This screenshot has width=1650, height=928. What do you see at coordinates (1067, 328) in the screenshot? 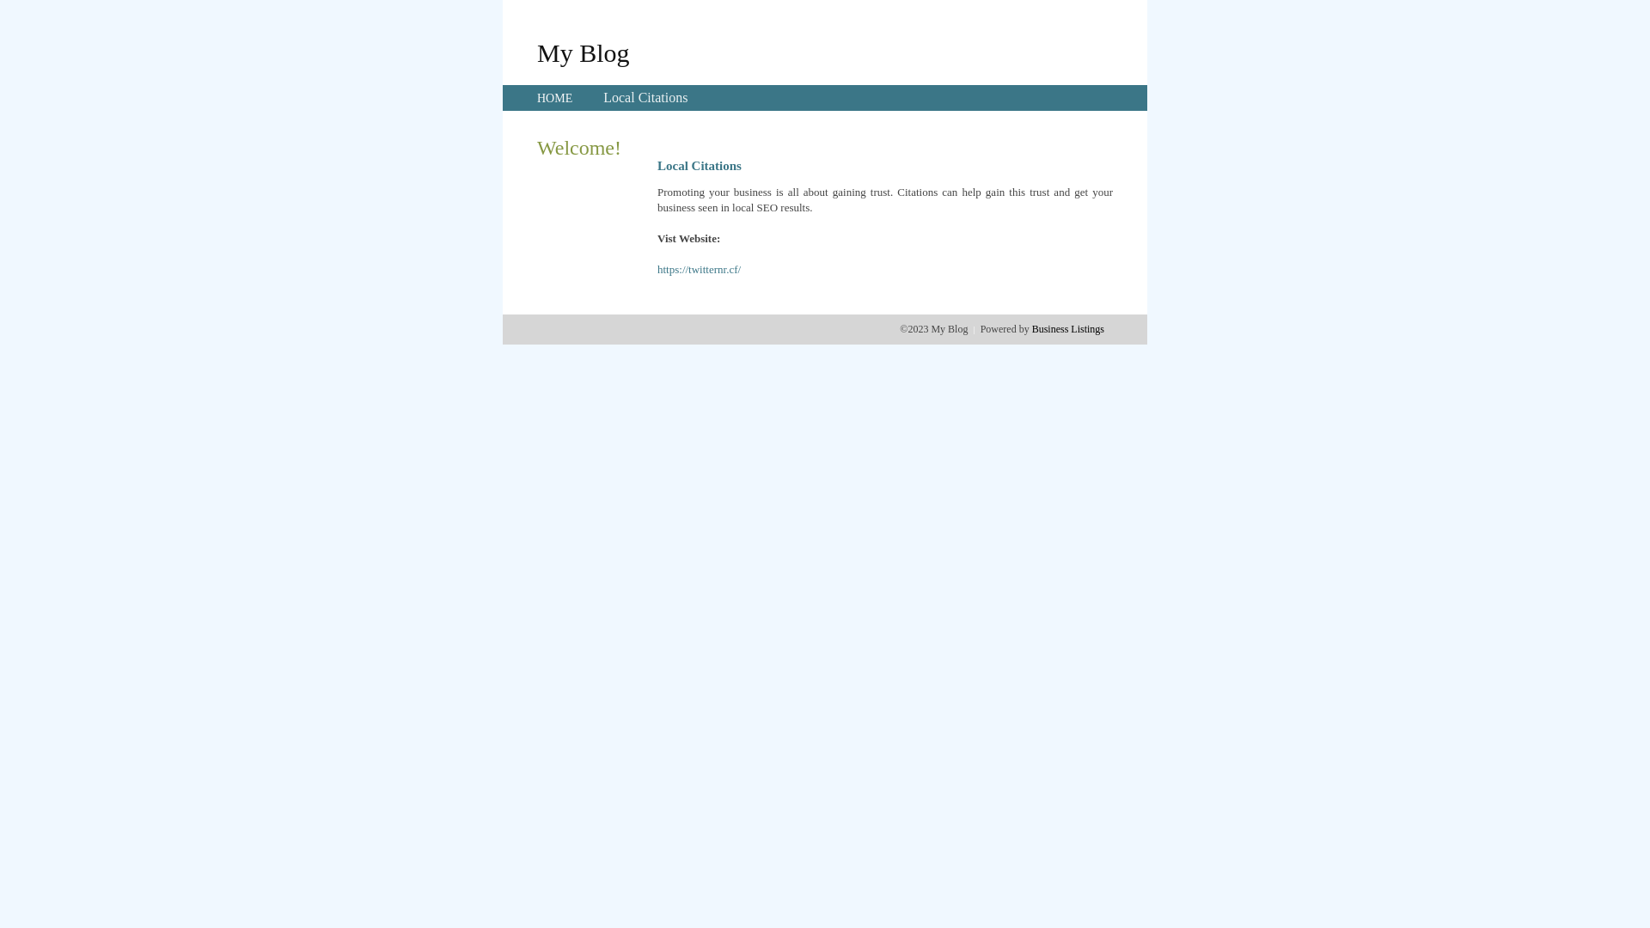
I see `'Business Listings'` at bounding box center [1067, 328].